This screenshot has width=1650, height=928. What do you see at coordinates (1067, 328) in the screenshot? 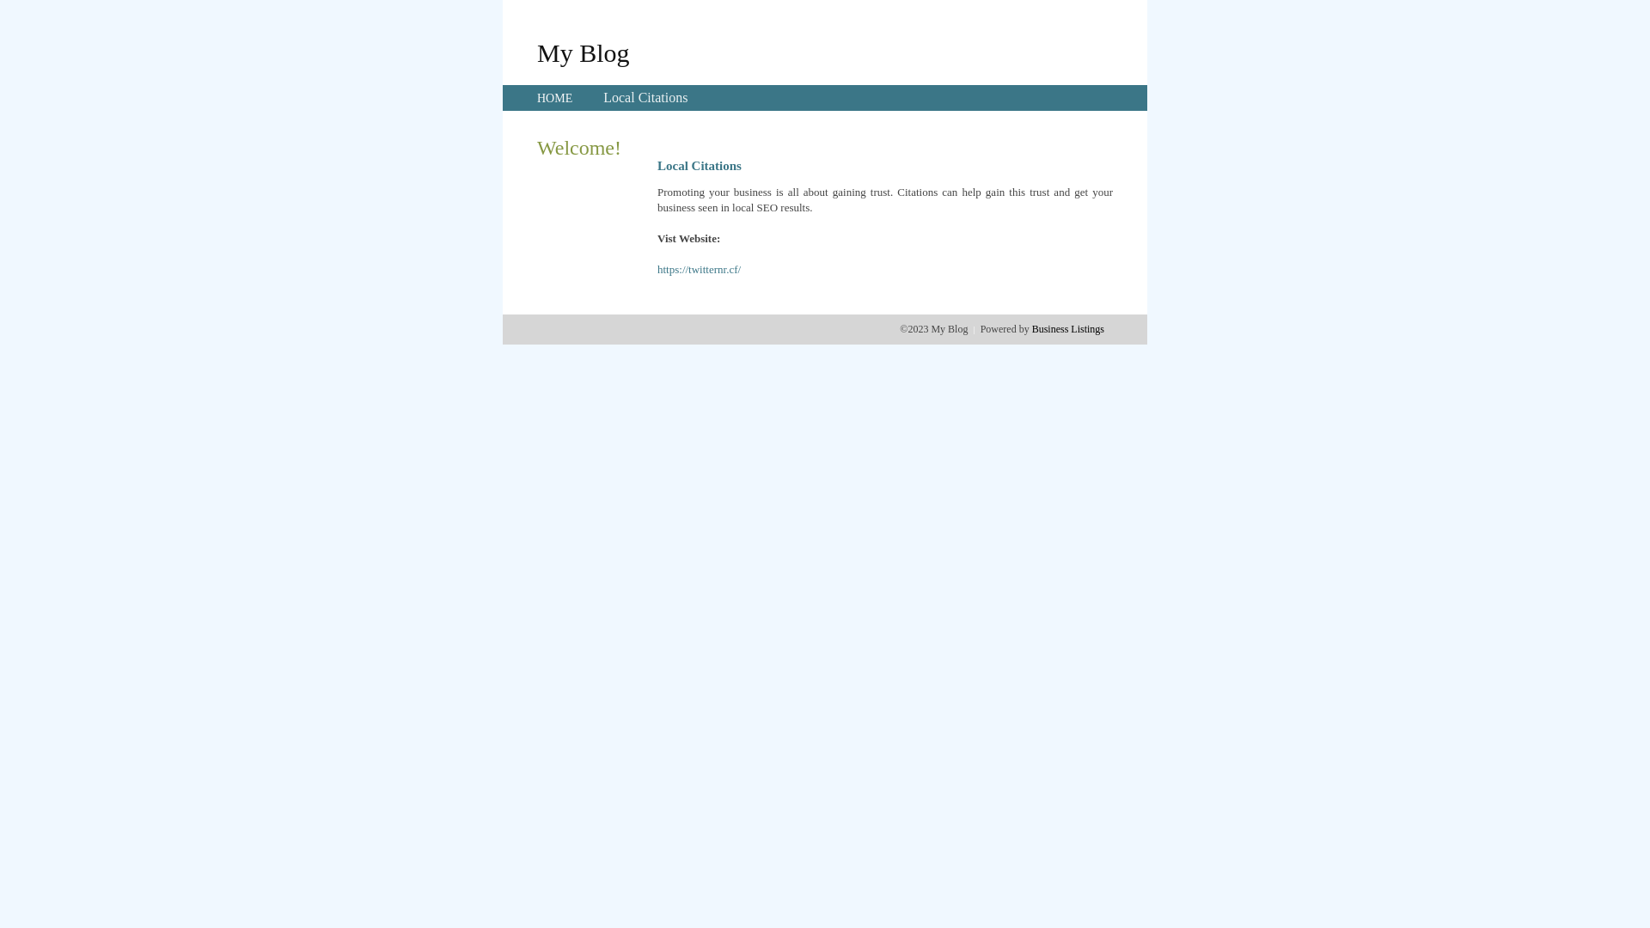
I see `'Business Listings'` at bounding box center [1067, 328].